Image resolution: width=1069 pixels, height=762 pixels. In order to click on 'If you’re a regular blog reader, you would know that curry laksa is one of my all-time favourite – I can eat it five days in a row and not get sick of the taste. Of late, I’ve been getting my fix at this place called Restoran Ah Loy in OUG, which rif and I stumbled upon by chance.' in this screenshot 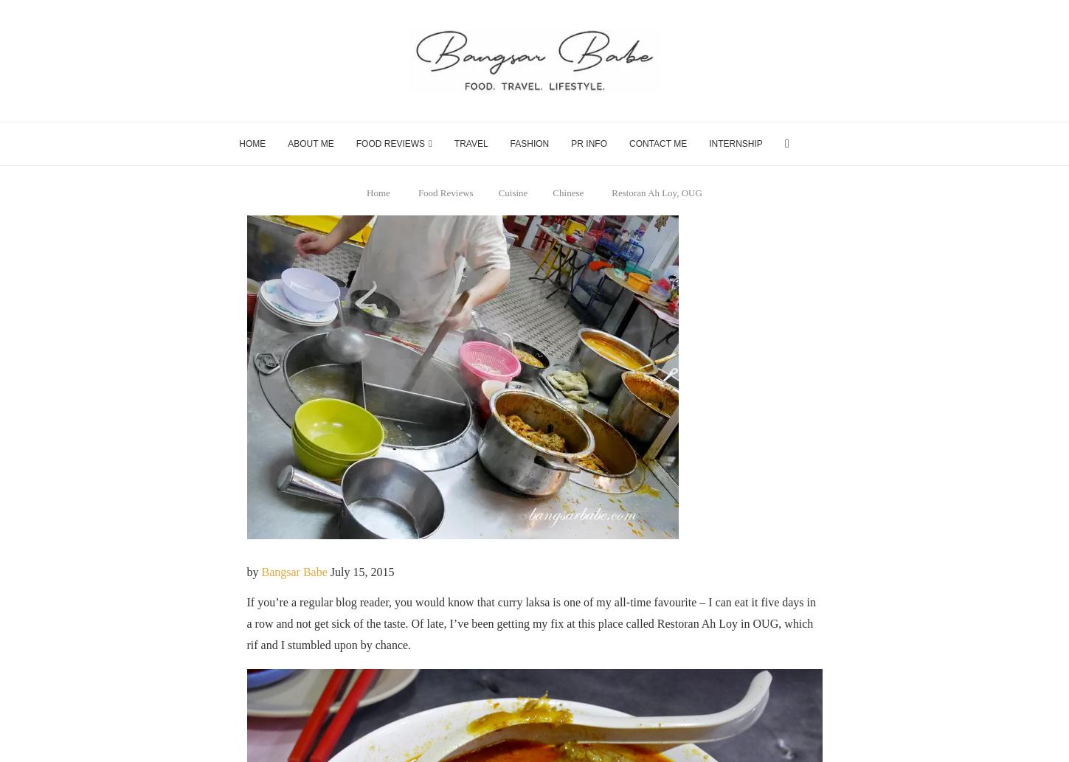, I will do `click(531, 623)`.